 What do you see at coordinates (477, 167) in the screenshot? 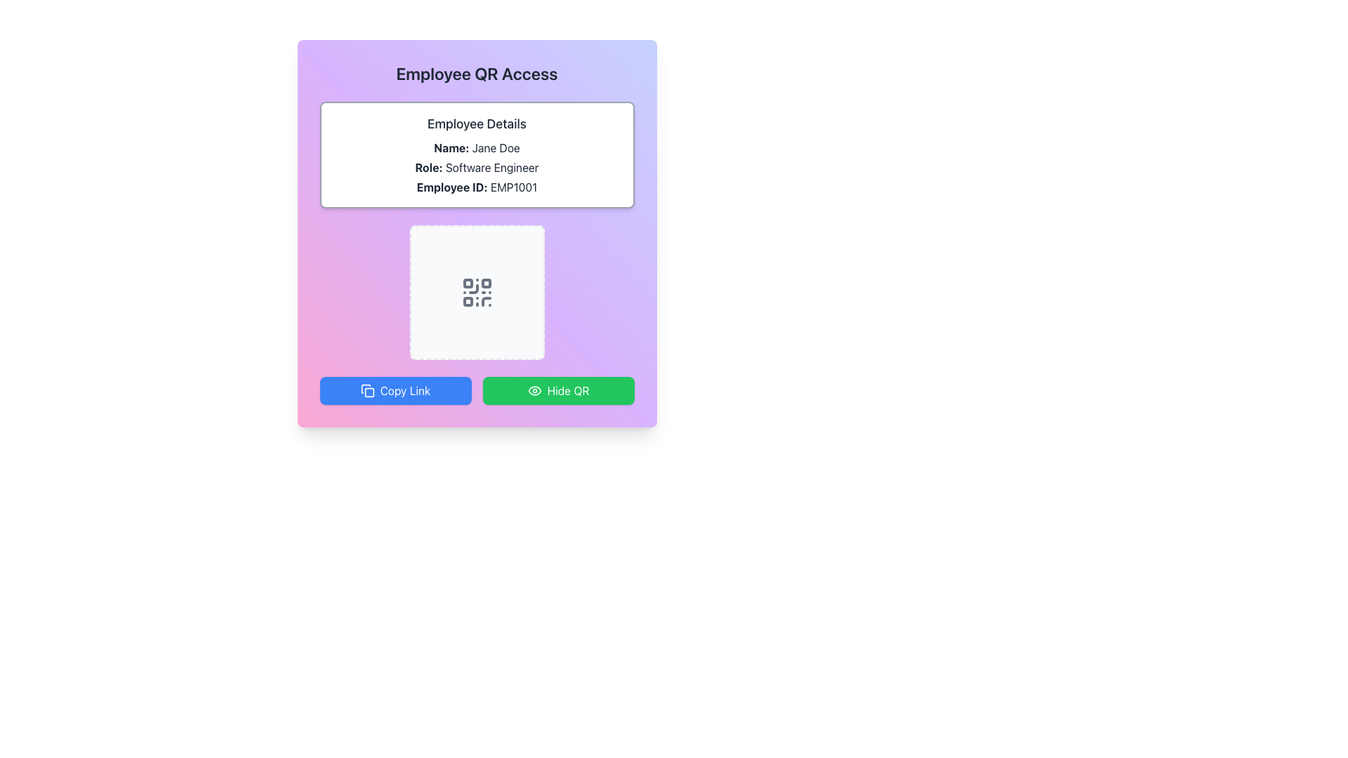
I see `static text details about the employee, which includes their name, role, and employee ID, located in the text block inside the 'Employee Details' rectangle` at bounding box center [477, 167].